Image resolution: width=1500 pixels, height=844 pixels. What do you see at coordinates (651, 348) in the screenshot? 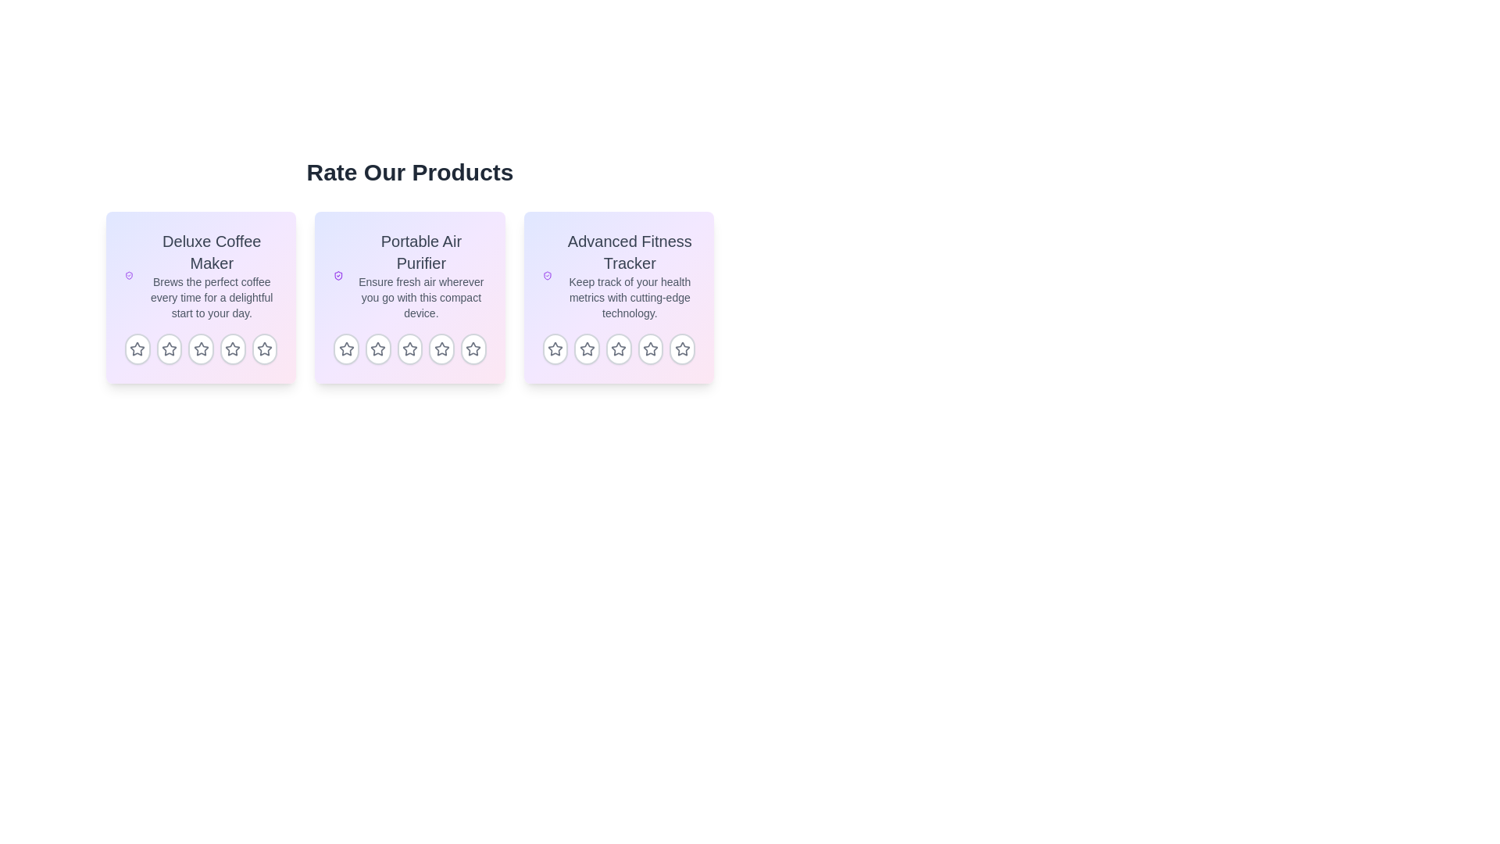
I see `the fourth star icon in the rating section of the 'Advanced Fitness Tracker' card` at bounding box center [651, 348].